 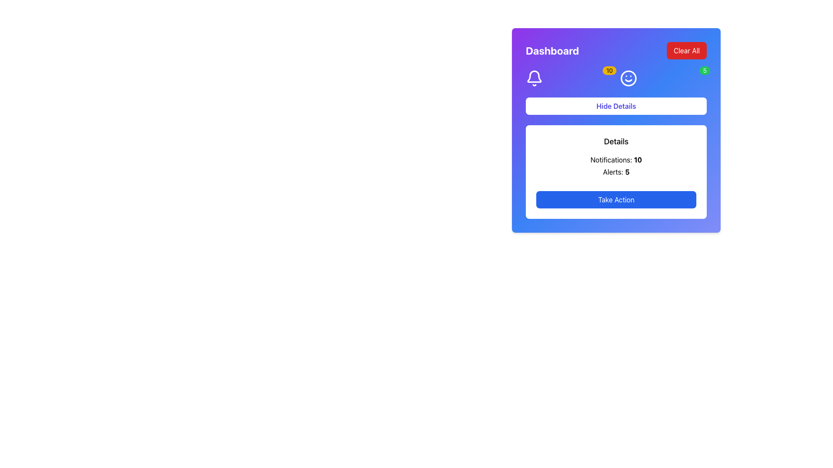 What do you see at coordinates (662, 78) in the screenshot?
I see `the green badge displaying the number '5'` at bounding box center [662, 78].